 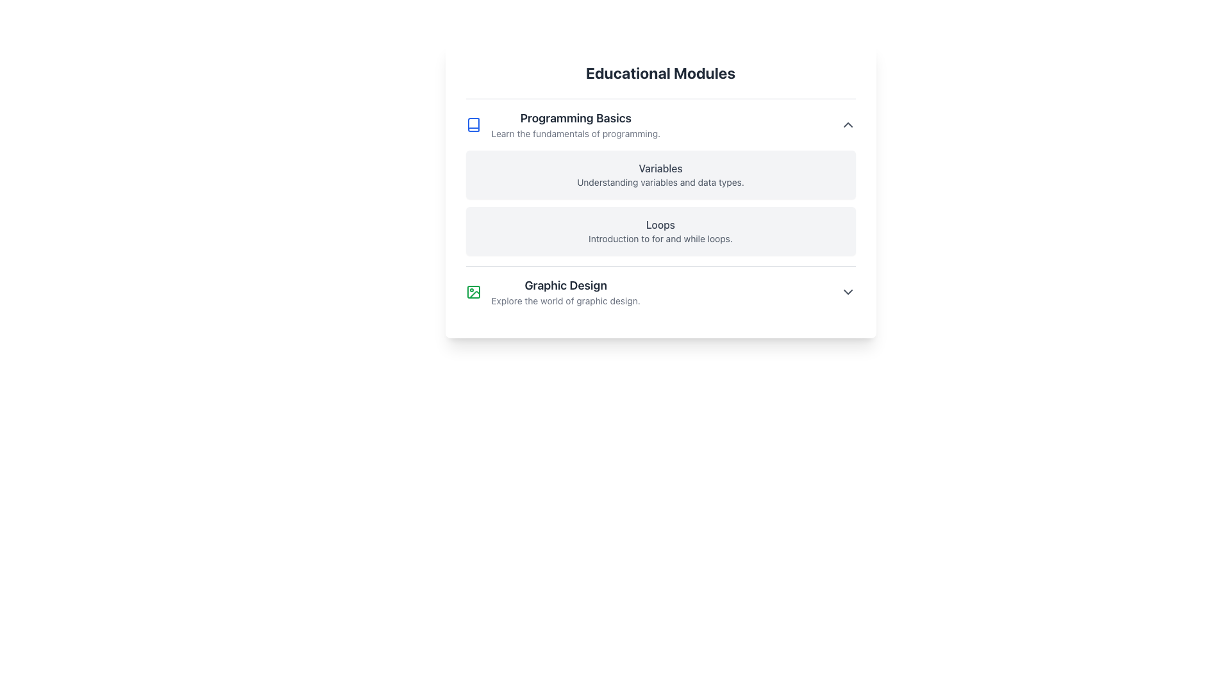 I want to click on the Composite element containing the green-outlined icon and the text 'Graphic Design', so click(x=553, y=292).